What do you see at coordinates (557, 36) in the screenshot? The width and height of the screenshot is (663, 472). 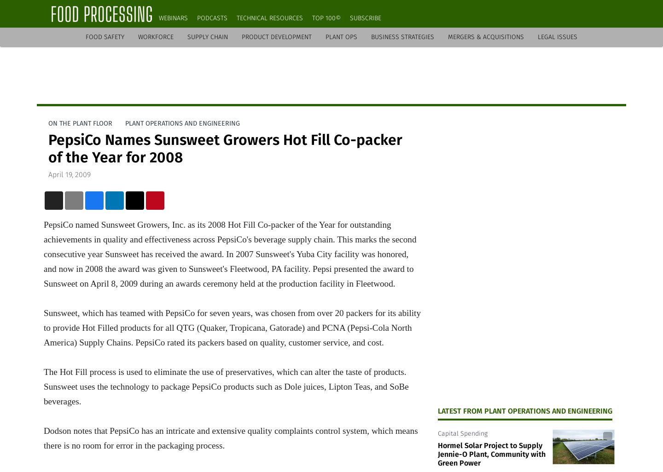 I see `'Legal Issues'` at bounding box center [557, 36].